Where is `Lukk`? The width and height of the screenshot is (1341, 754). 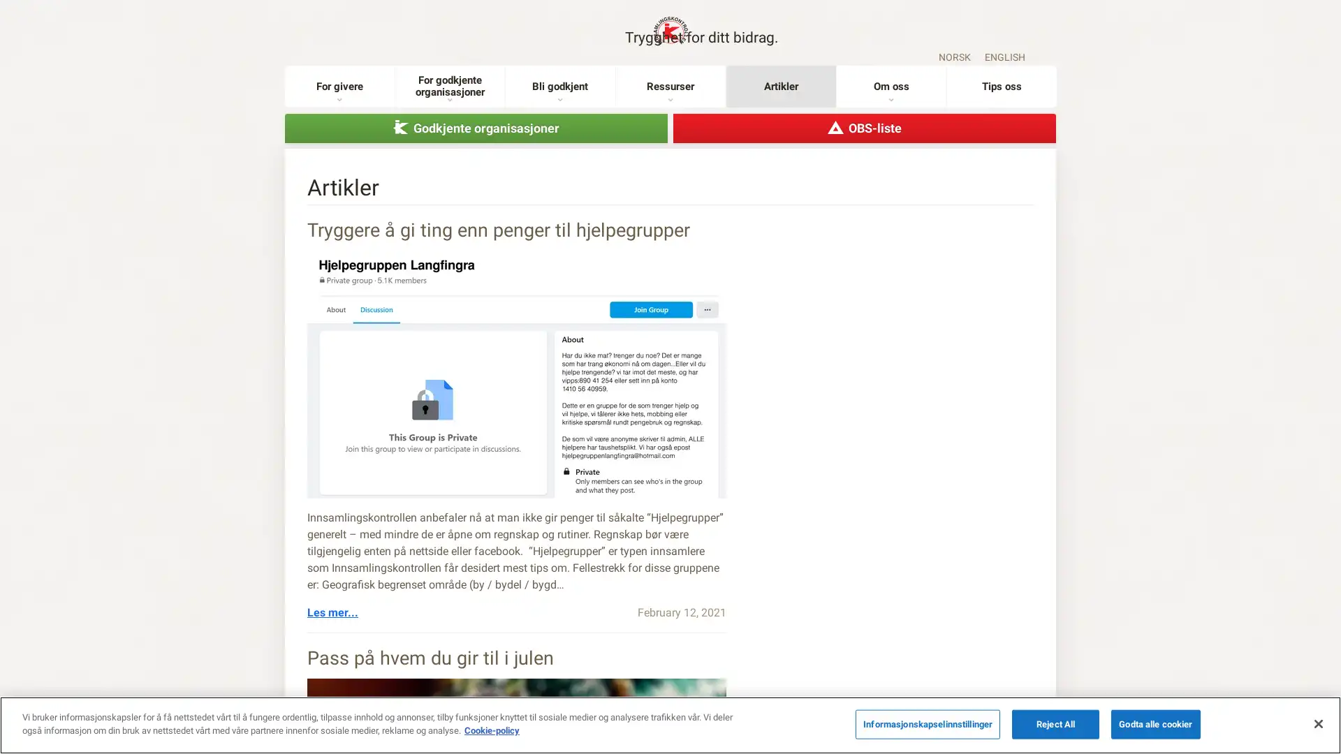
Lukk is located at coordinates (1317, 723).